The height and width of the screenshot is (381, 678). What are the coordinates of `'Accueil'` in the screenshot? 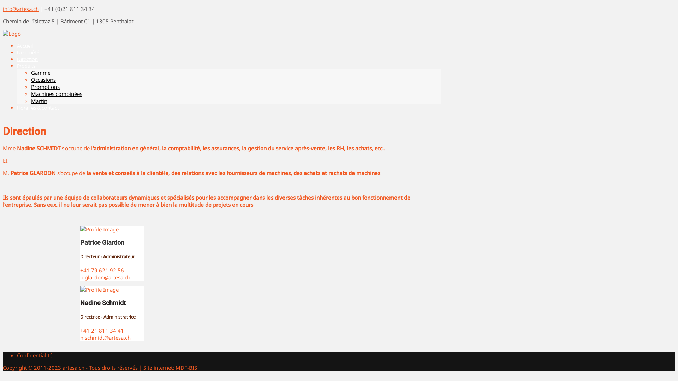 It's located at (25, 46).